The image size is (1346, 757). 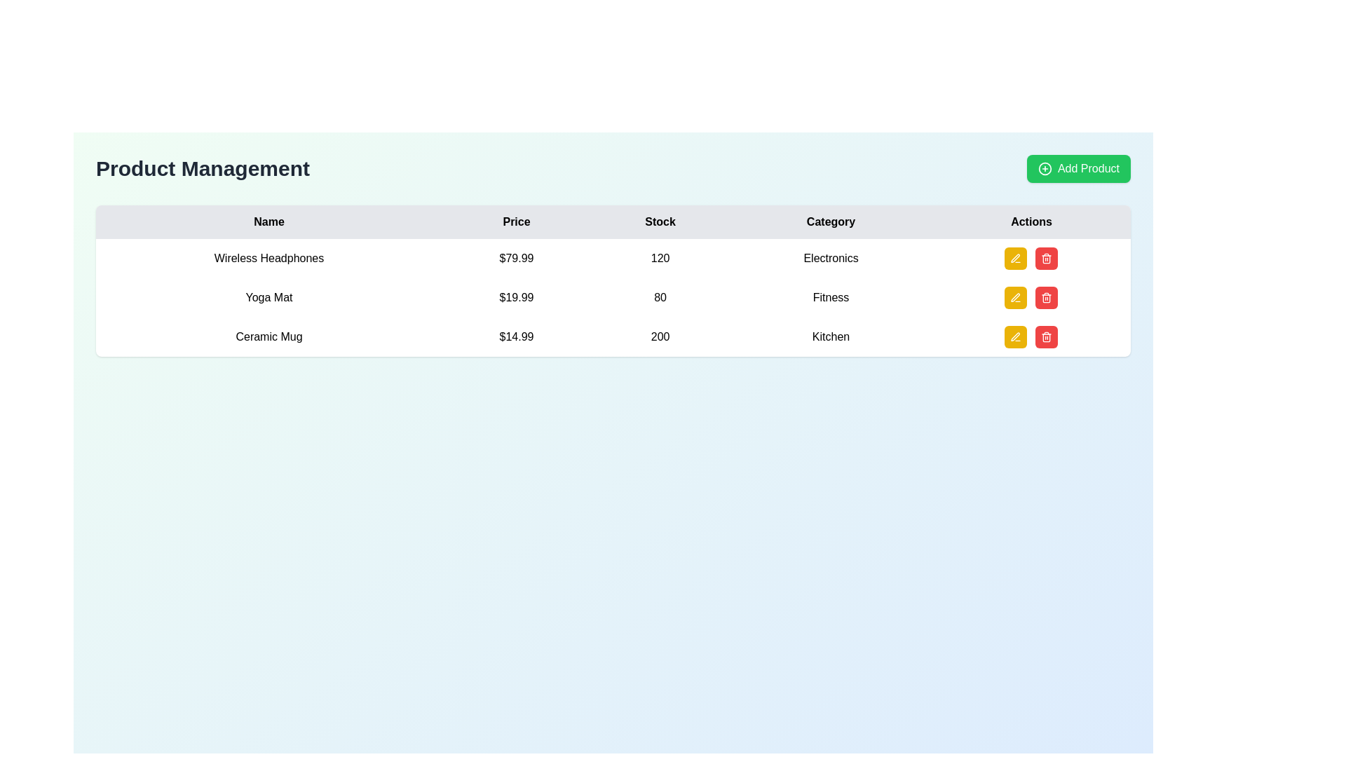 What do you see at coordinates (1016, 337) in the screenshot?
I see `the pen icon located within the yellow button in the 'Actions' column of the third row in the table` at bounding box center [1016, 337].